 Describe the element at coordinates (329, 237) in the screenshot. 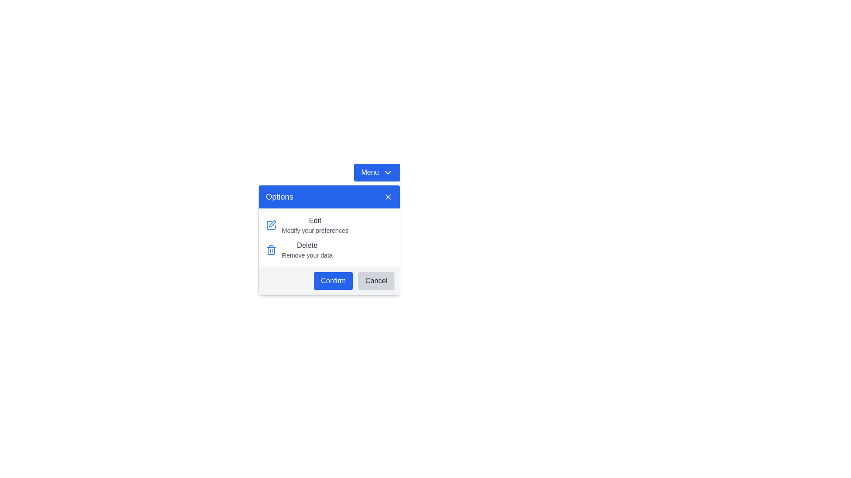

I see `the 'Delete' option in the Interactive options list, which is located in the modal under the header 'Options'` at that location.